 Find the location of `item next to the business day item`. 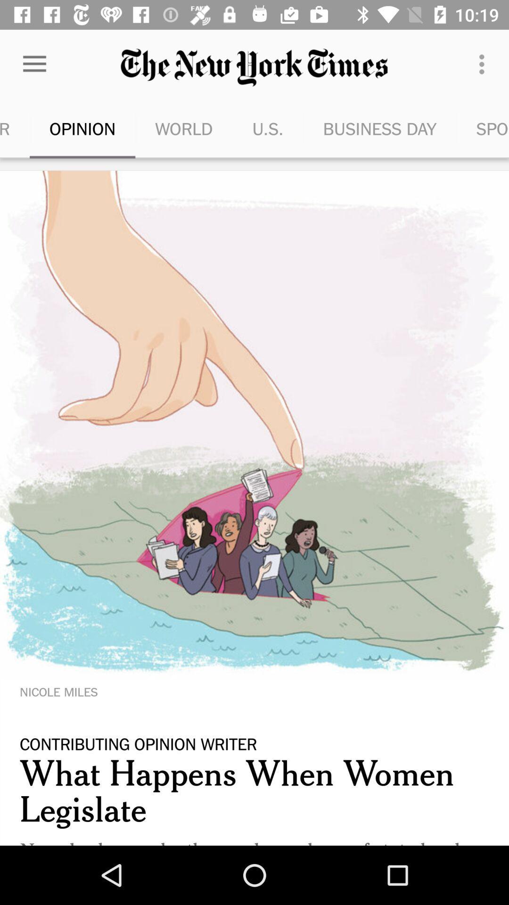

item next to the business day item is located at coordinates (268, 128).